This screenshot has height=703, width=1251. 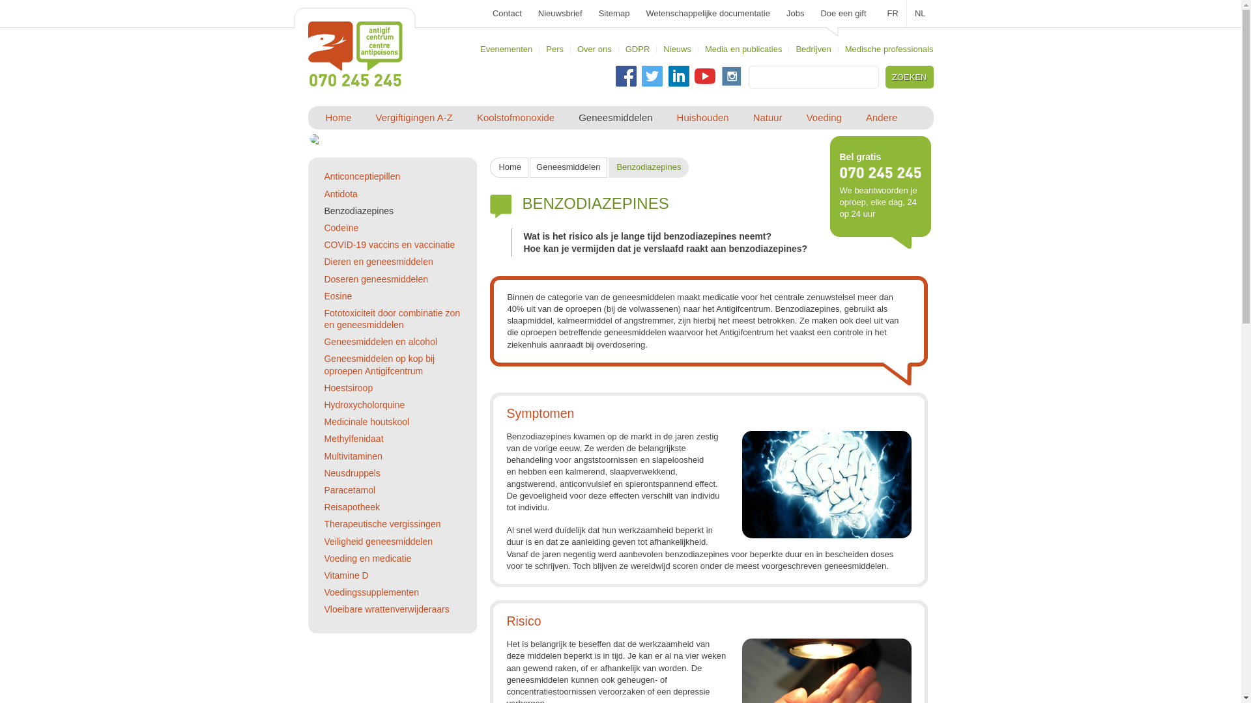 What do you see at coordinates (348, 387) in the screenshot?
I see `'Hoestsiroop'` at bounding box center [348, 387].